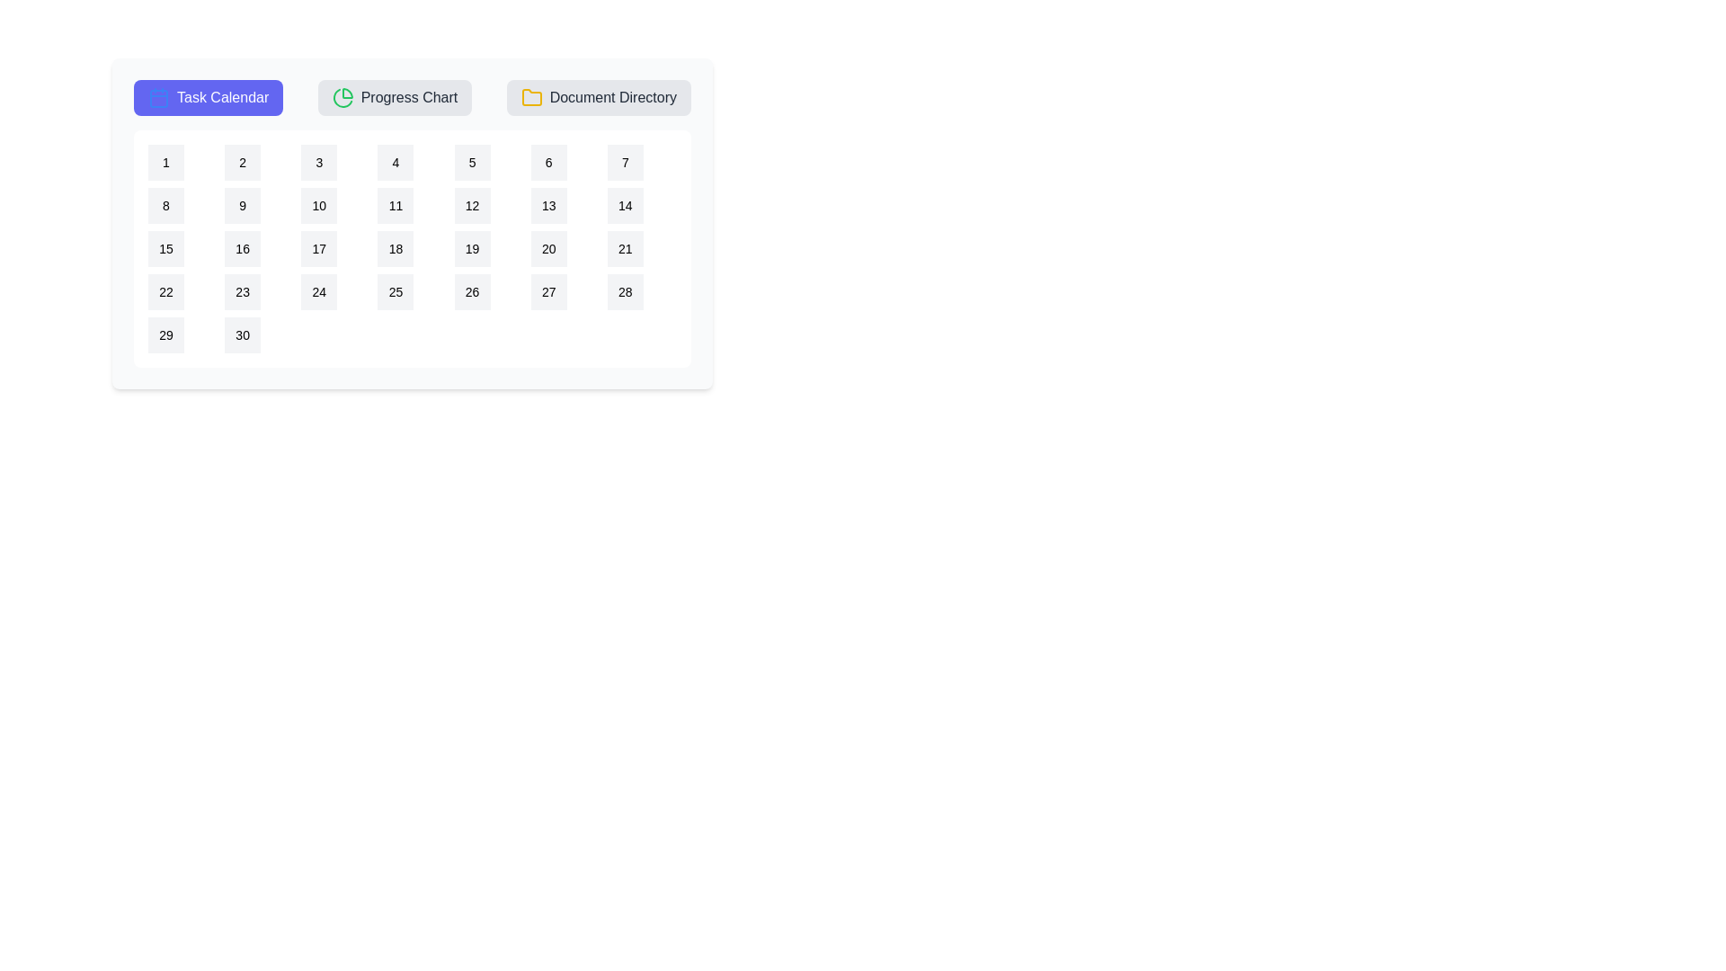  Describe the element at coordinates (625, 204) in the screenshot. I see `the calendar date 14` at that location.